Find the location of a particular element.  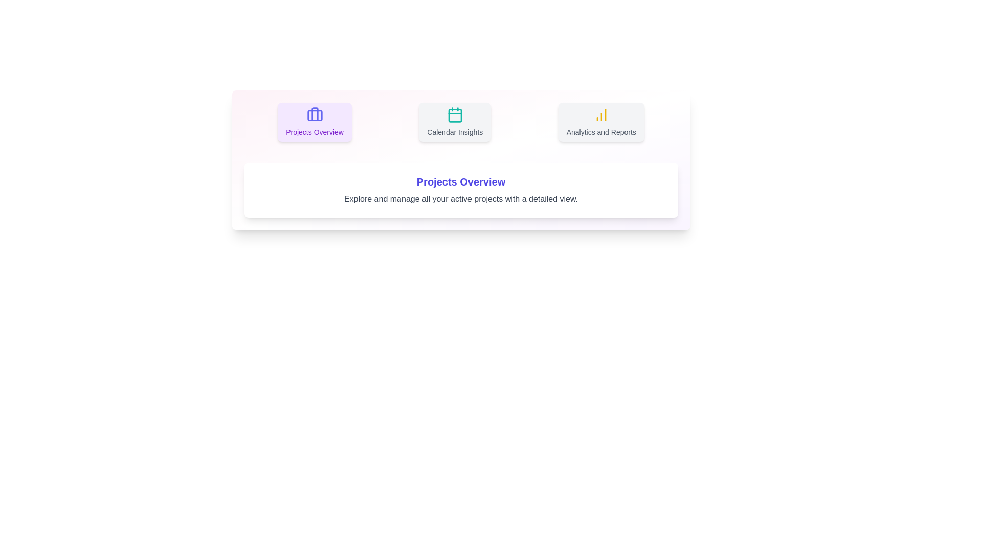

the tab labeled Calendar Insights to view its content is located at coordinates (454, 122).